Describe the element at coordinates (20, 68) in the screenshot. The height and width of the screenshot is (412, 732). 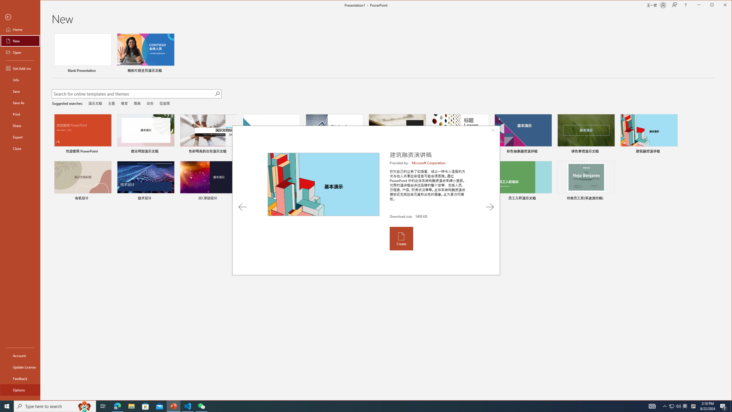
I see `'Get Add-ins'` at that location.